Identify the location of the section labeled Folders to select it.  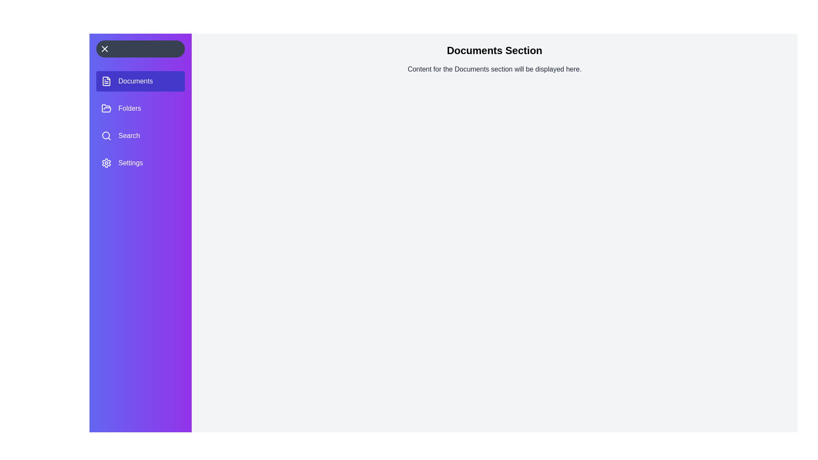
(141, 108).